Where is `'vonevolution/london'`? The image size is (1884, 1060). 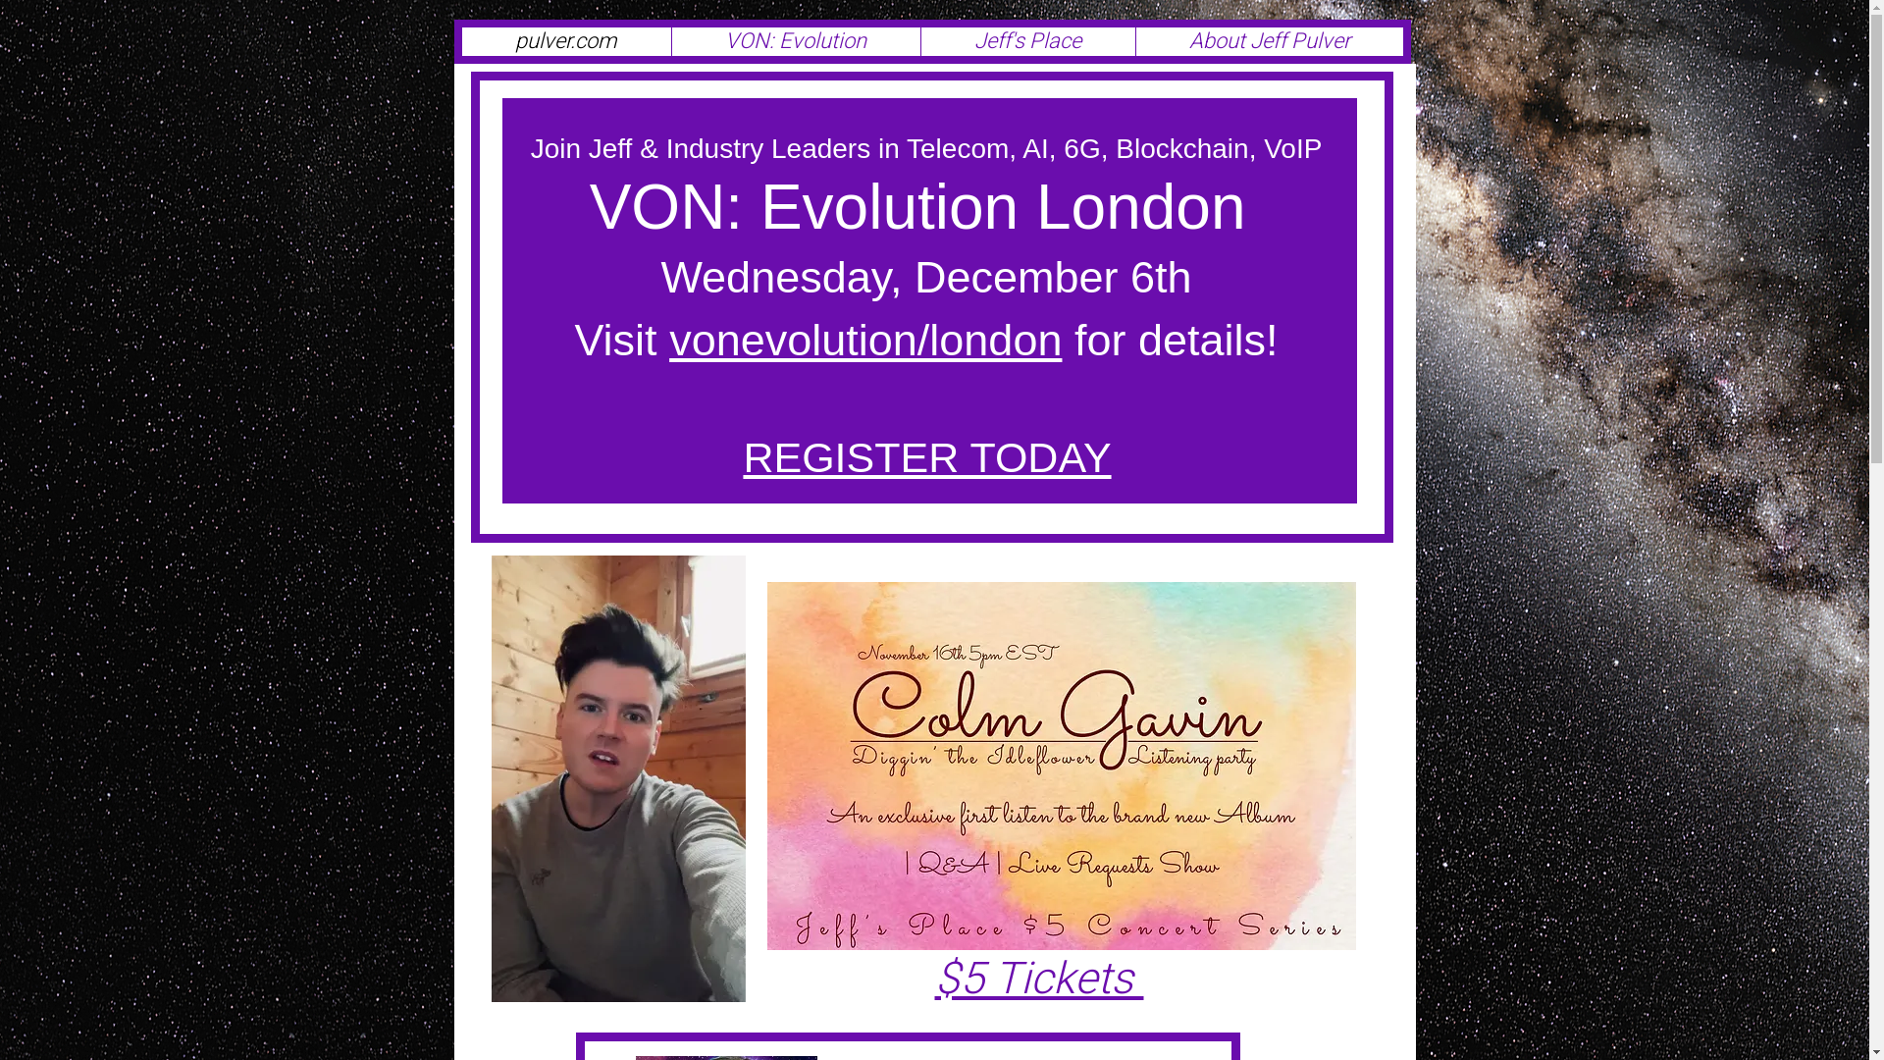 'vonevolution/london' is located at coordinates (864, 339).